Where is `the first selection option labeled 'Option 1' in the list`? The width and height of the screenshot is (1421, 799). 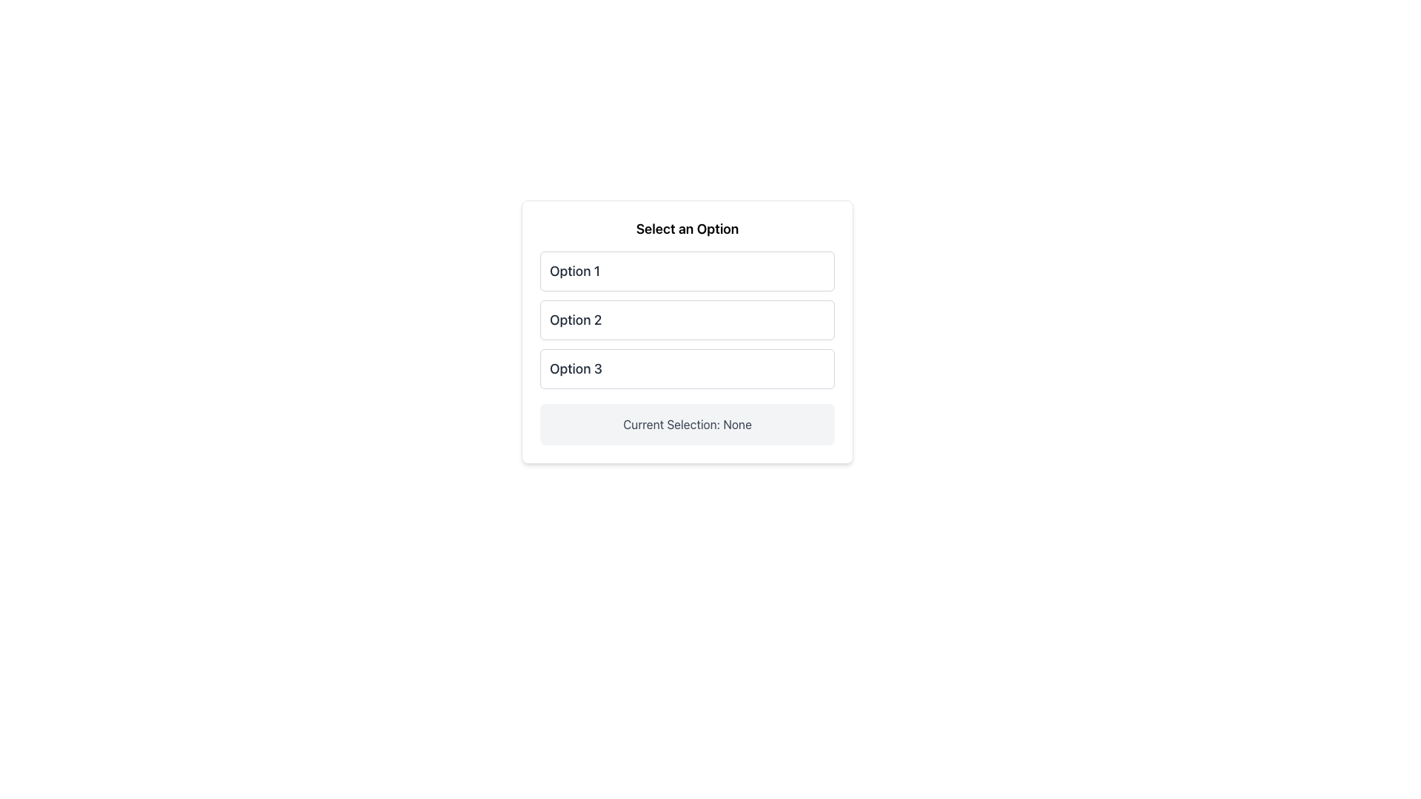 the first selection option labeled 'Option 1' in the list is located at coordinates (687, 271).